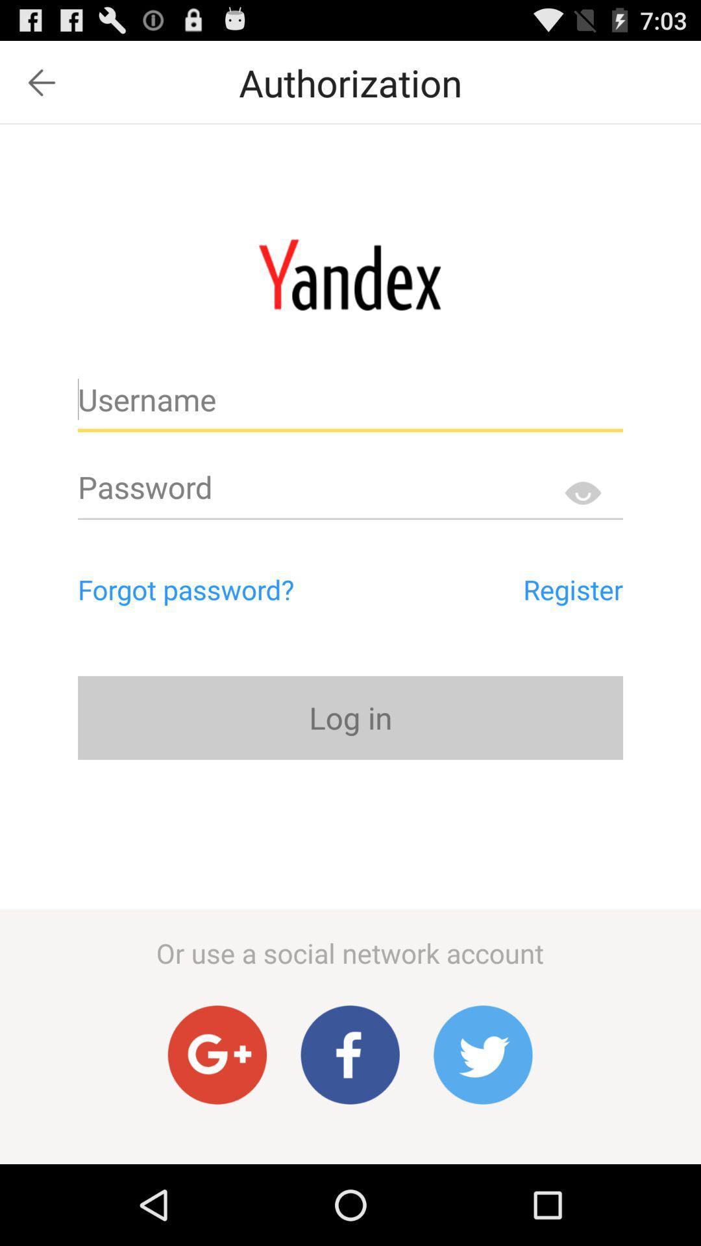 Image resolution: width=701 pixels, height=1246 pixels. What do you see at coordinates (349, 274) in the screenshot?
I see `main page` at bounding box center [349, 274].